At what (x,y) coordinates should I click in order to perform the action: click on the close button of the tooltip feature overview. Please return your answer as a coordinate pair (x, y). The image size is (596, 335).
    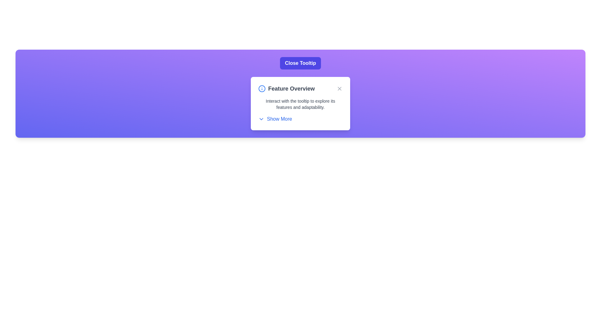
    Looking at the image, I should click on (300, 63).